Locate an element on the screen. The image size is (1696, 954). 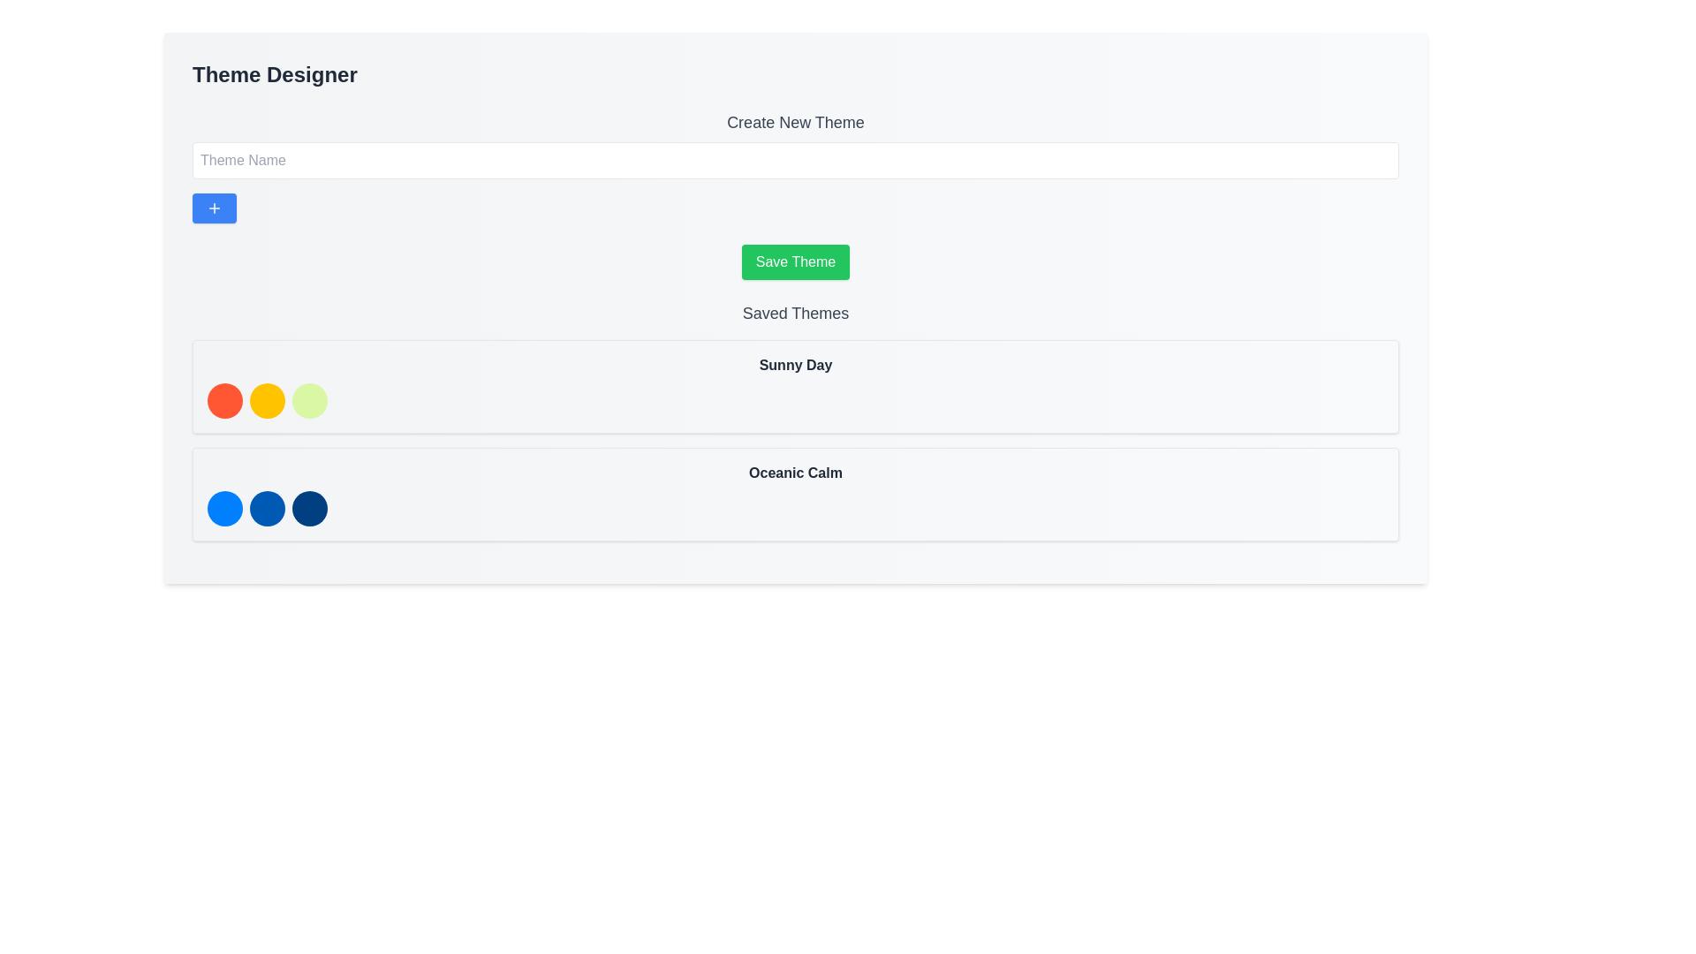
the leftmost color swatch in the horizontal arrangement below the 'Sunny Day' label in the 'Saved Themes' section is located at coordinates (223, 401).